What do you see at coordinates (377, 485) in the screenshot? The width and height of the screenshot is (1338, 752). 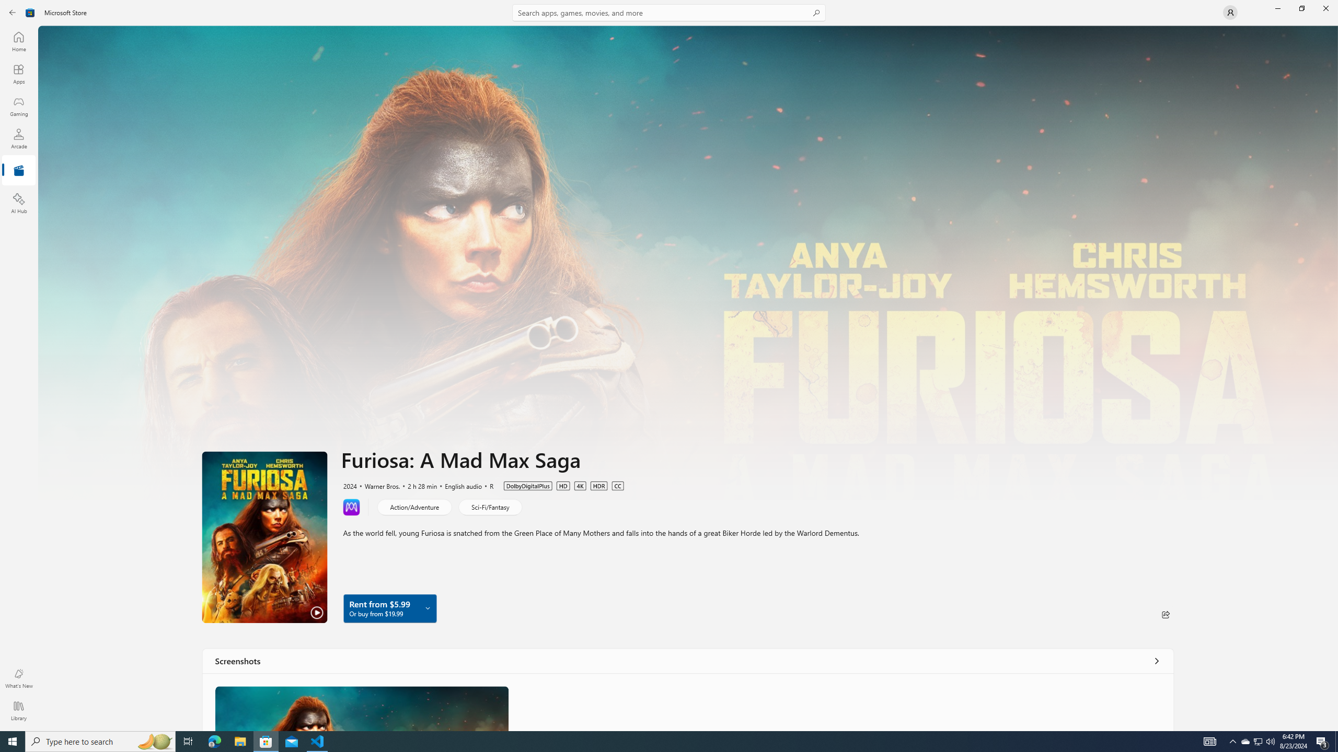 I see `'Warner Bros.'` at bounding box center [377, 485].